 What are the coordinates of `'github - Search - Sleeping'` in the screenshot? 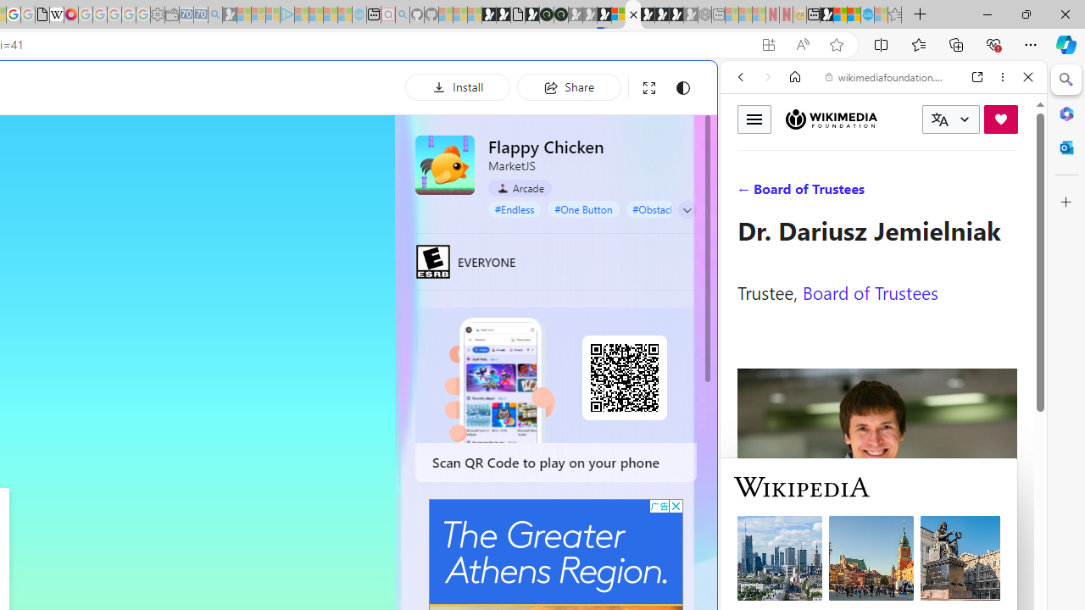 It's located at (401, 14).